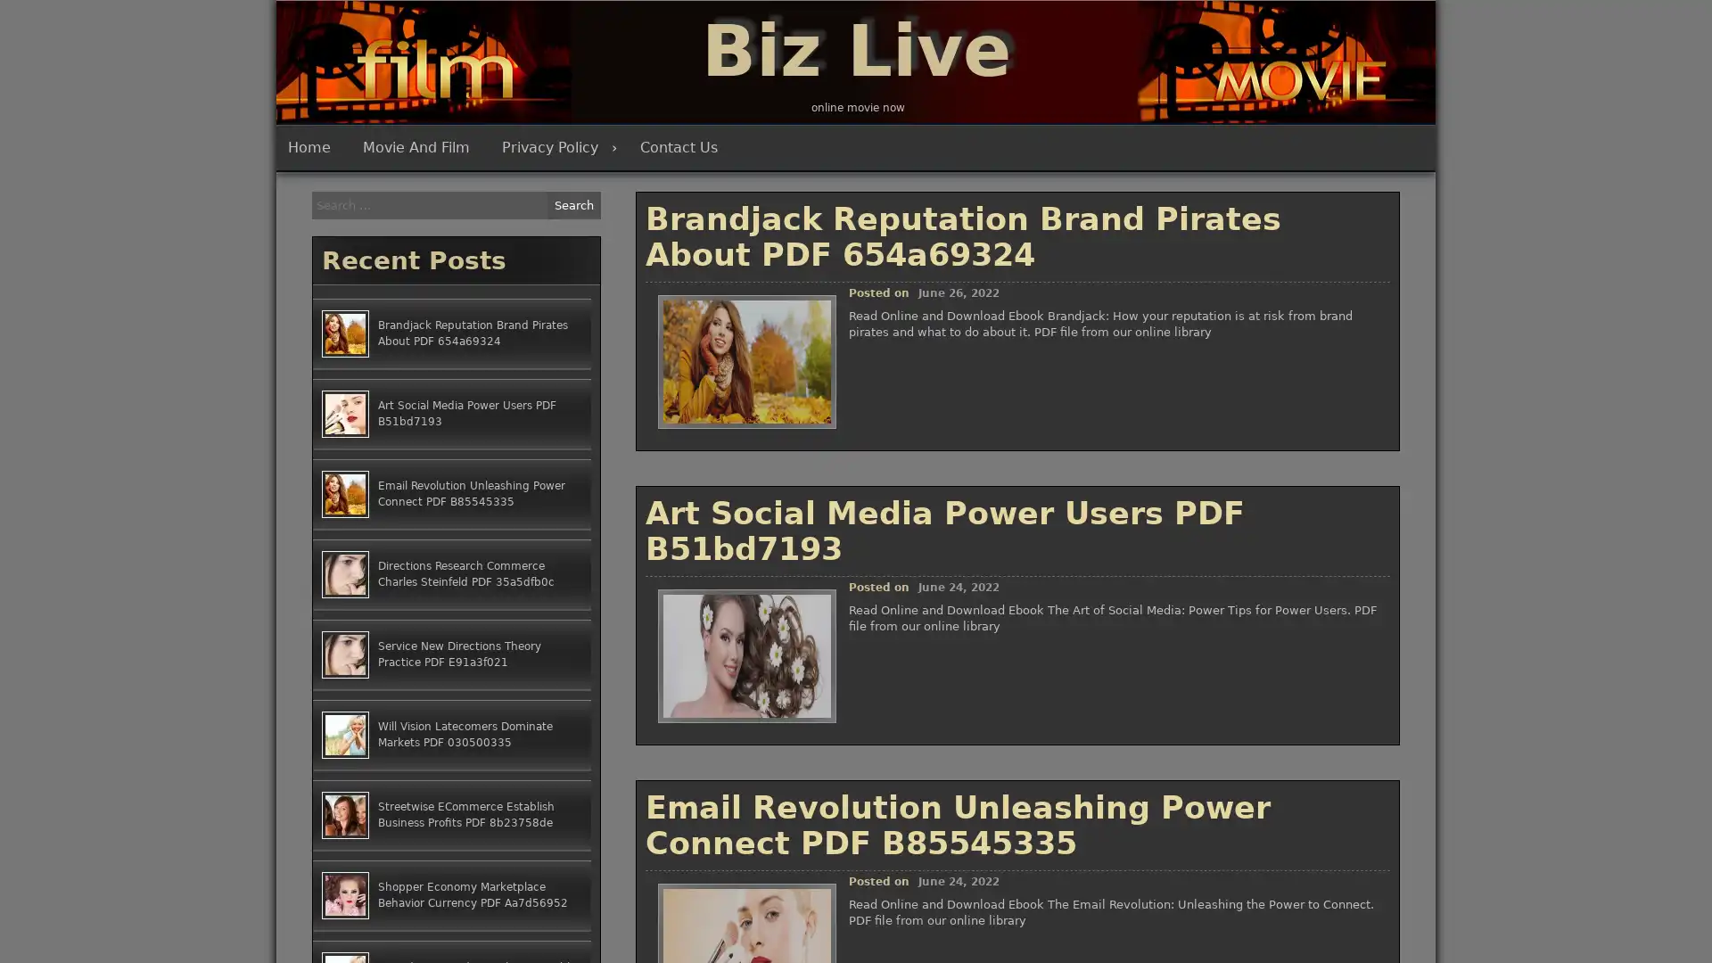 The height and width of the screenshot is (963, 1712). Describe the element at coordinates (573, 204) in the screenshot. I see `Search` at that location.